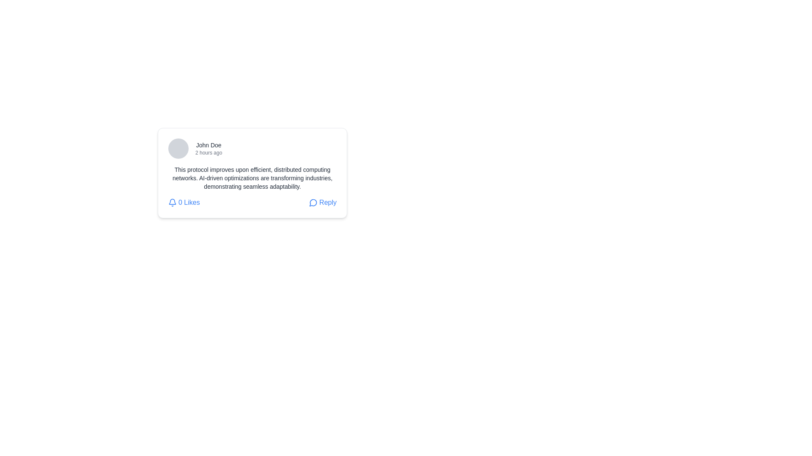 The image size is (812, 456). What do you see at coordinates (208, 153) in the screenshot?
I see `the static text displaying '2 hours ago', which is small-sized gray text located below 'John Doe' in the upper-left section of the card component` at bounding box center [208, 153].